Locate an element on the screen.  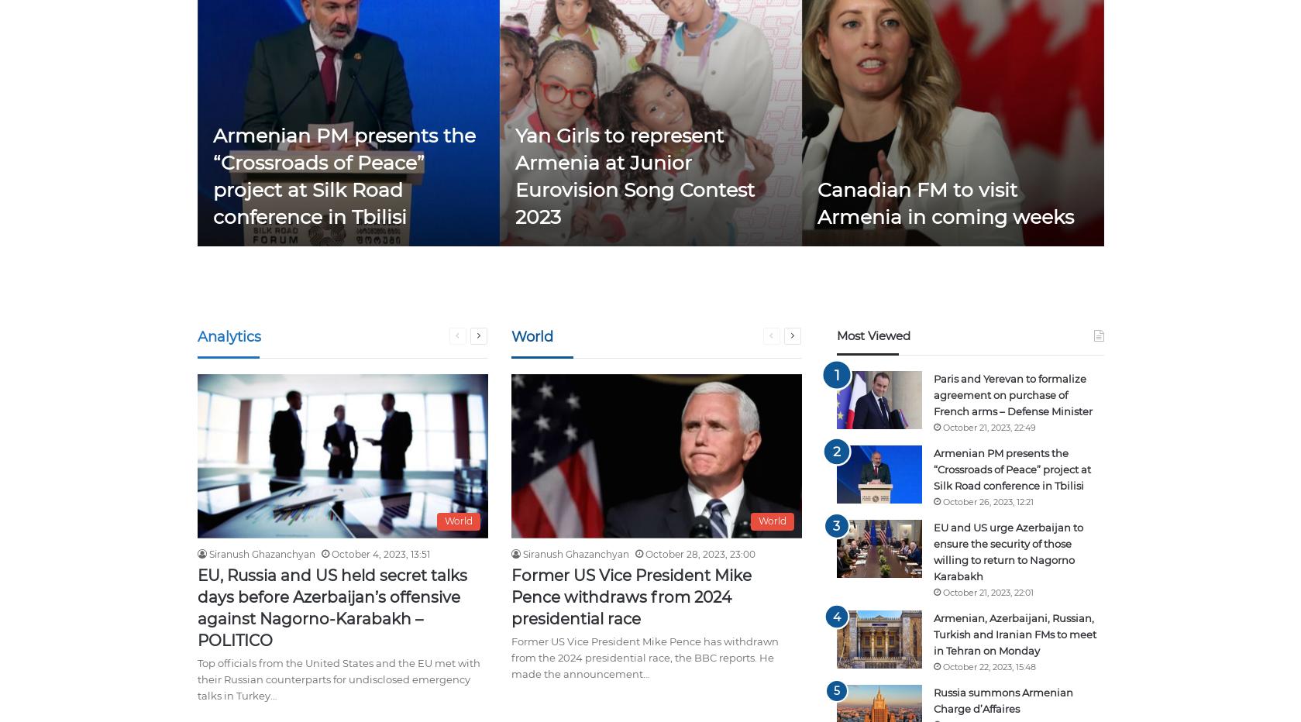
'Analytics' is located at coordinates (229, 336).